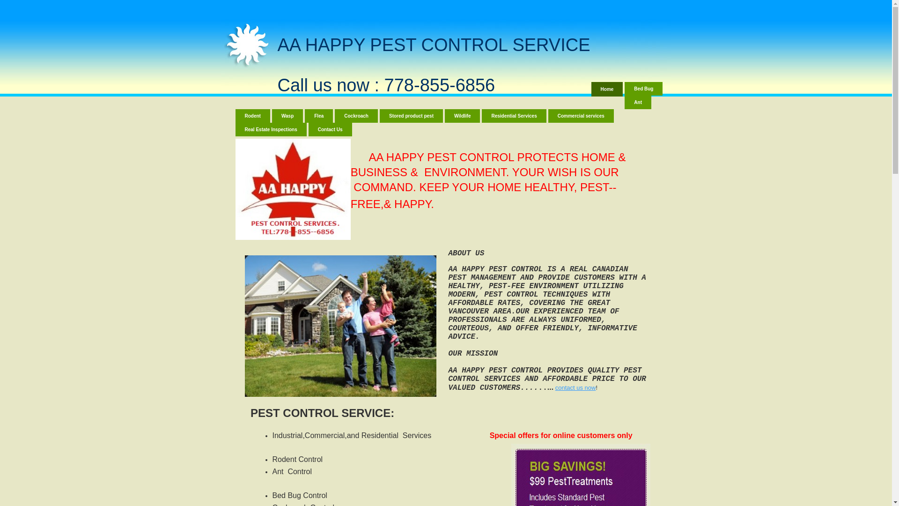 The height and width of the screenshot is (506, 899). I want to click on 'Flea', so click(319, 115).